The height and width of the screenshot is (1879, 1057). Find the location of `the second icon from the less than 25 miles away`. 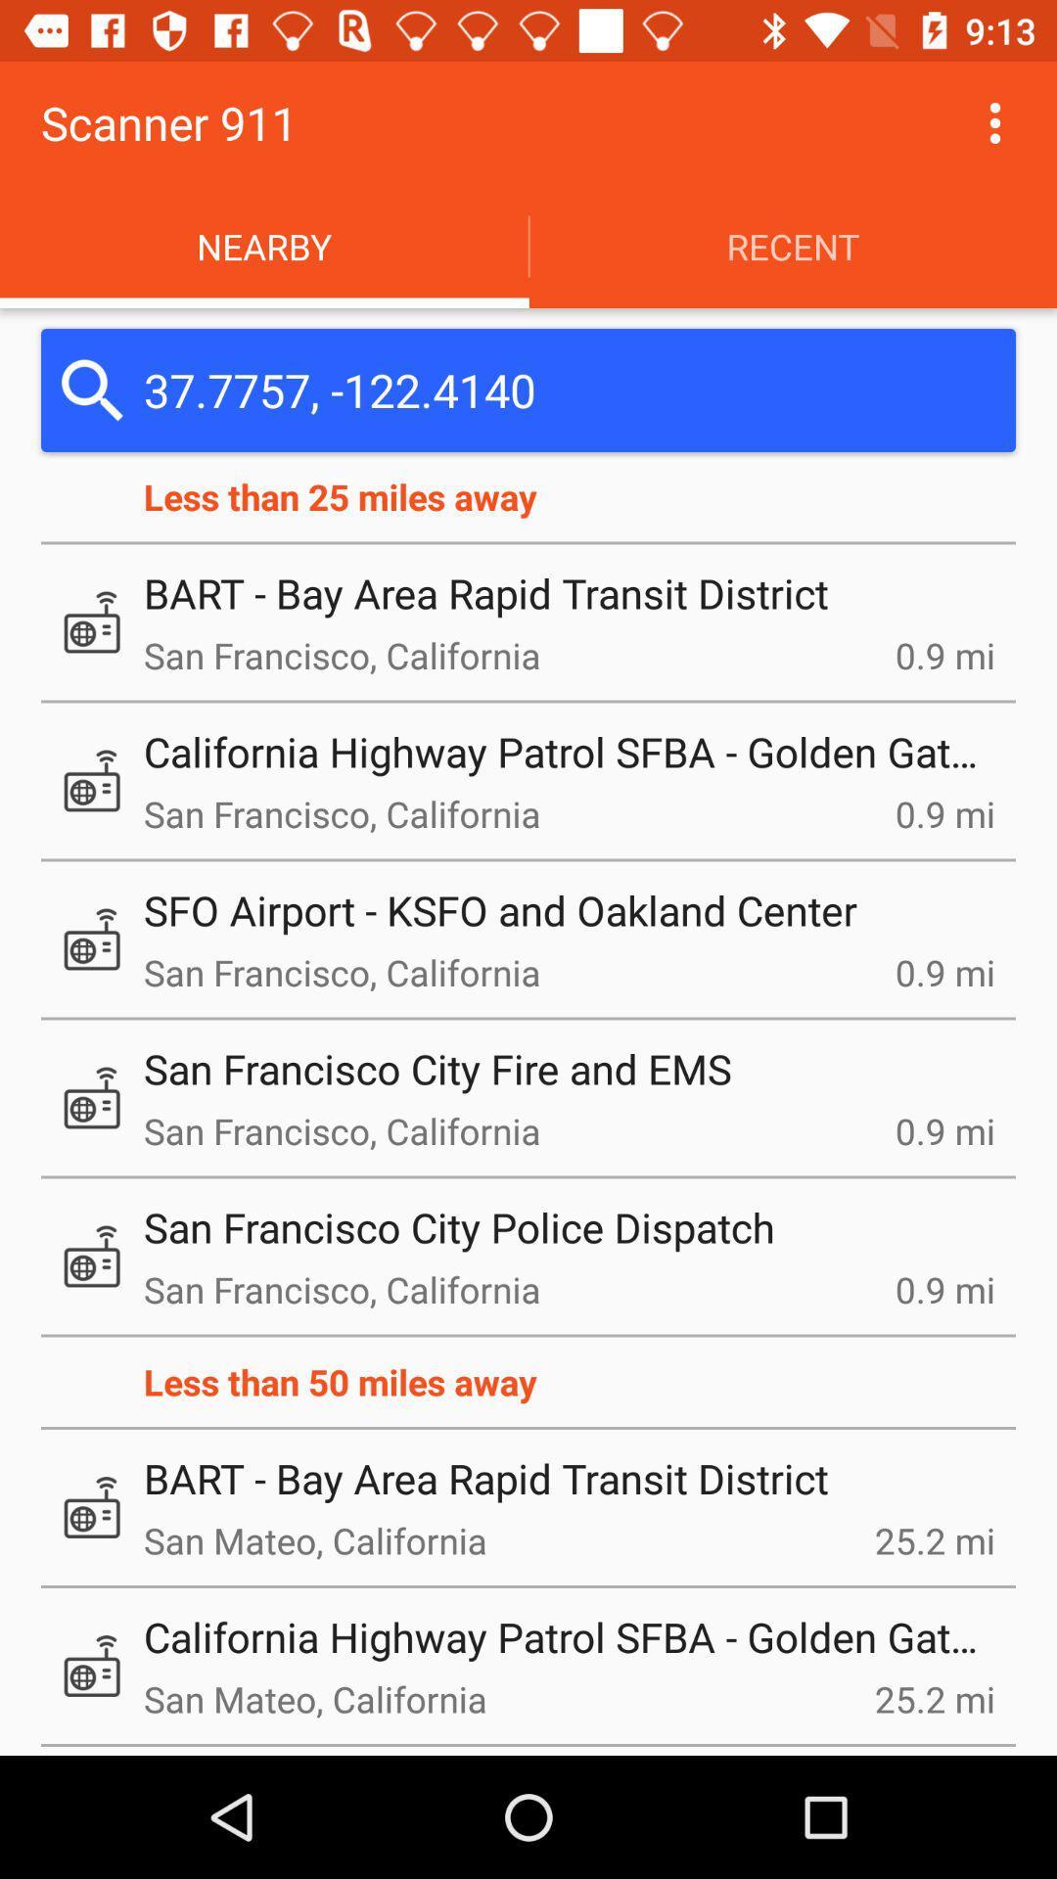

the second icon from the less than 25 miles away is located at coordinates (92, 780).